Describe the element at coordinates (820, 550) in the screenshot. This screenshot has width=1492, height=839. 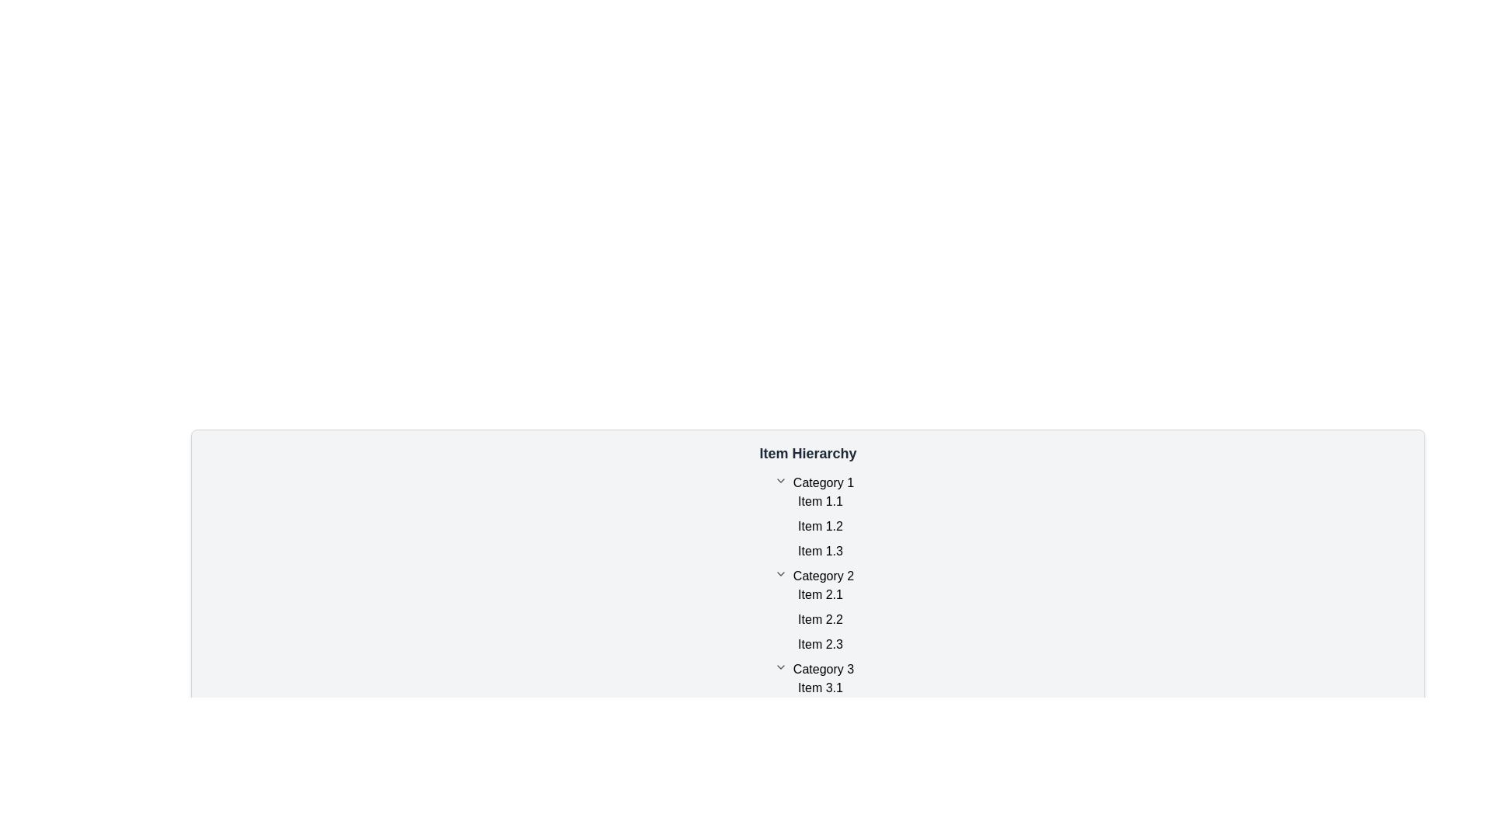
I see `the label representing the third item under 'Category 1' in the 'Item Hierarchy' list, which is centrally aligned horizontally and positioned between 'Item 1.2' and 'Category 2'` at that location.